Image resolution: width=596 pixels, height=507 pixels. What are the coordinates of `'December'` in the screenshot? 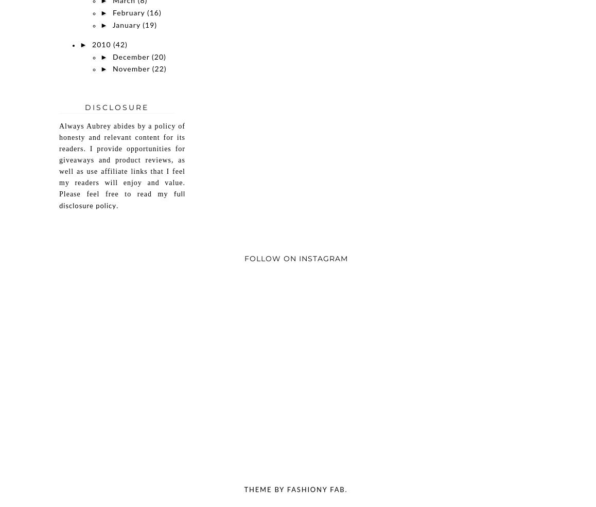 It's located at (131, 57).